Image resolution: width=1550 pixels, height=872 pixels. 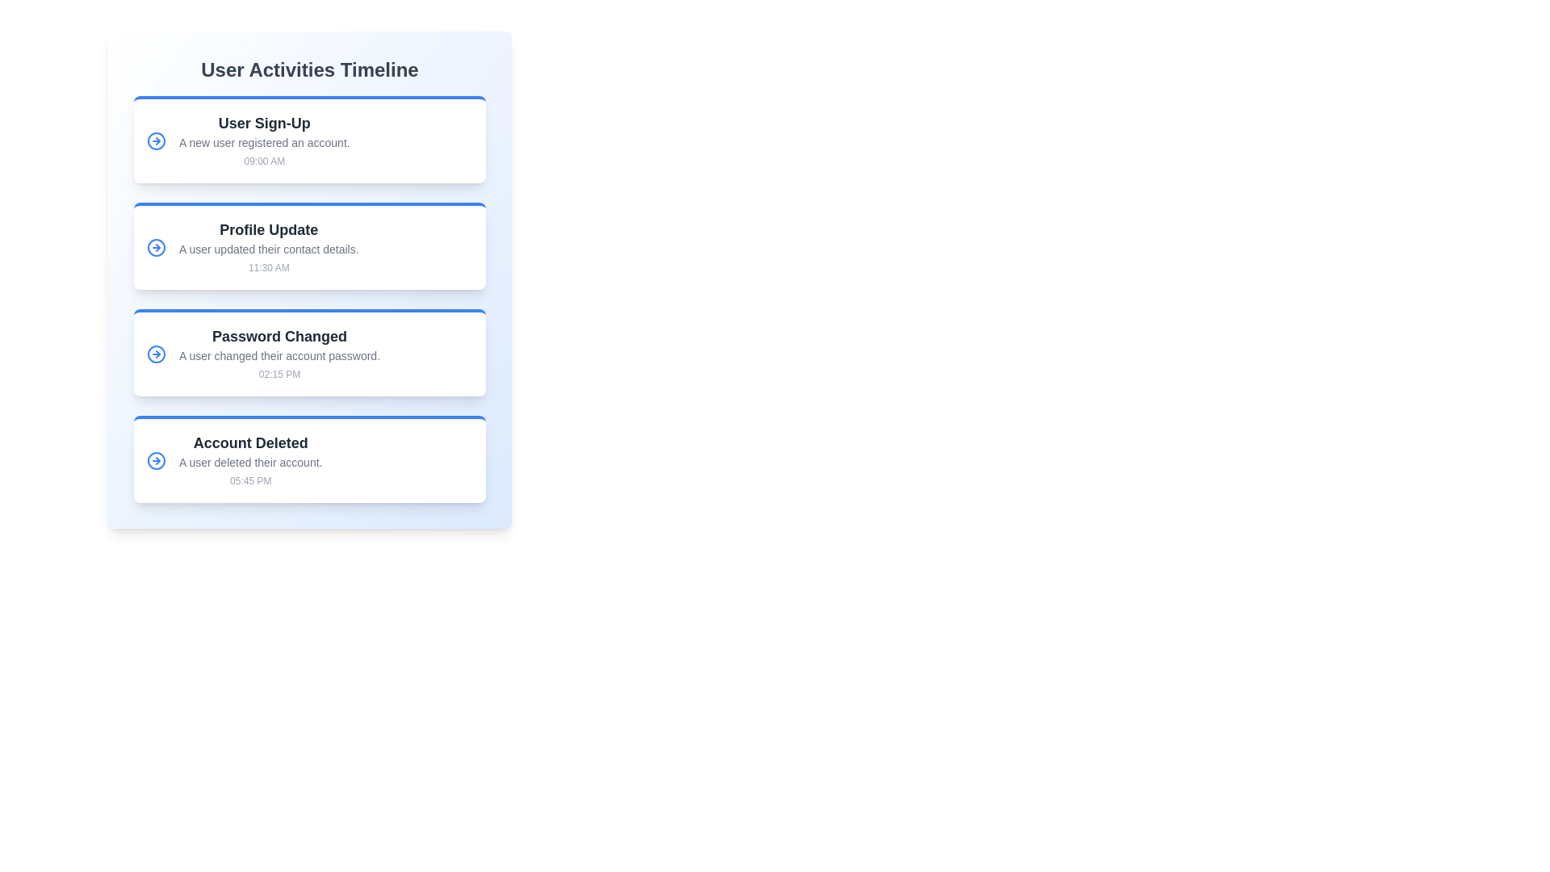 I want to click on the central circle of the circular arrow icon that serves as a decorative bullet point for the 'Profile Update' activity entry in the second activity box of the timeline interface, so click(x=156, y=248).